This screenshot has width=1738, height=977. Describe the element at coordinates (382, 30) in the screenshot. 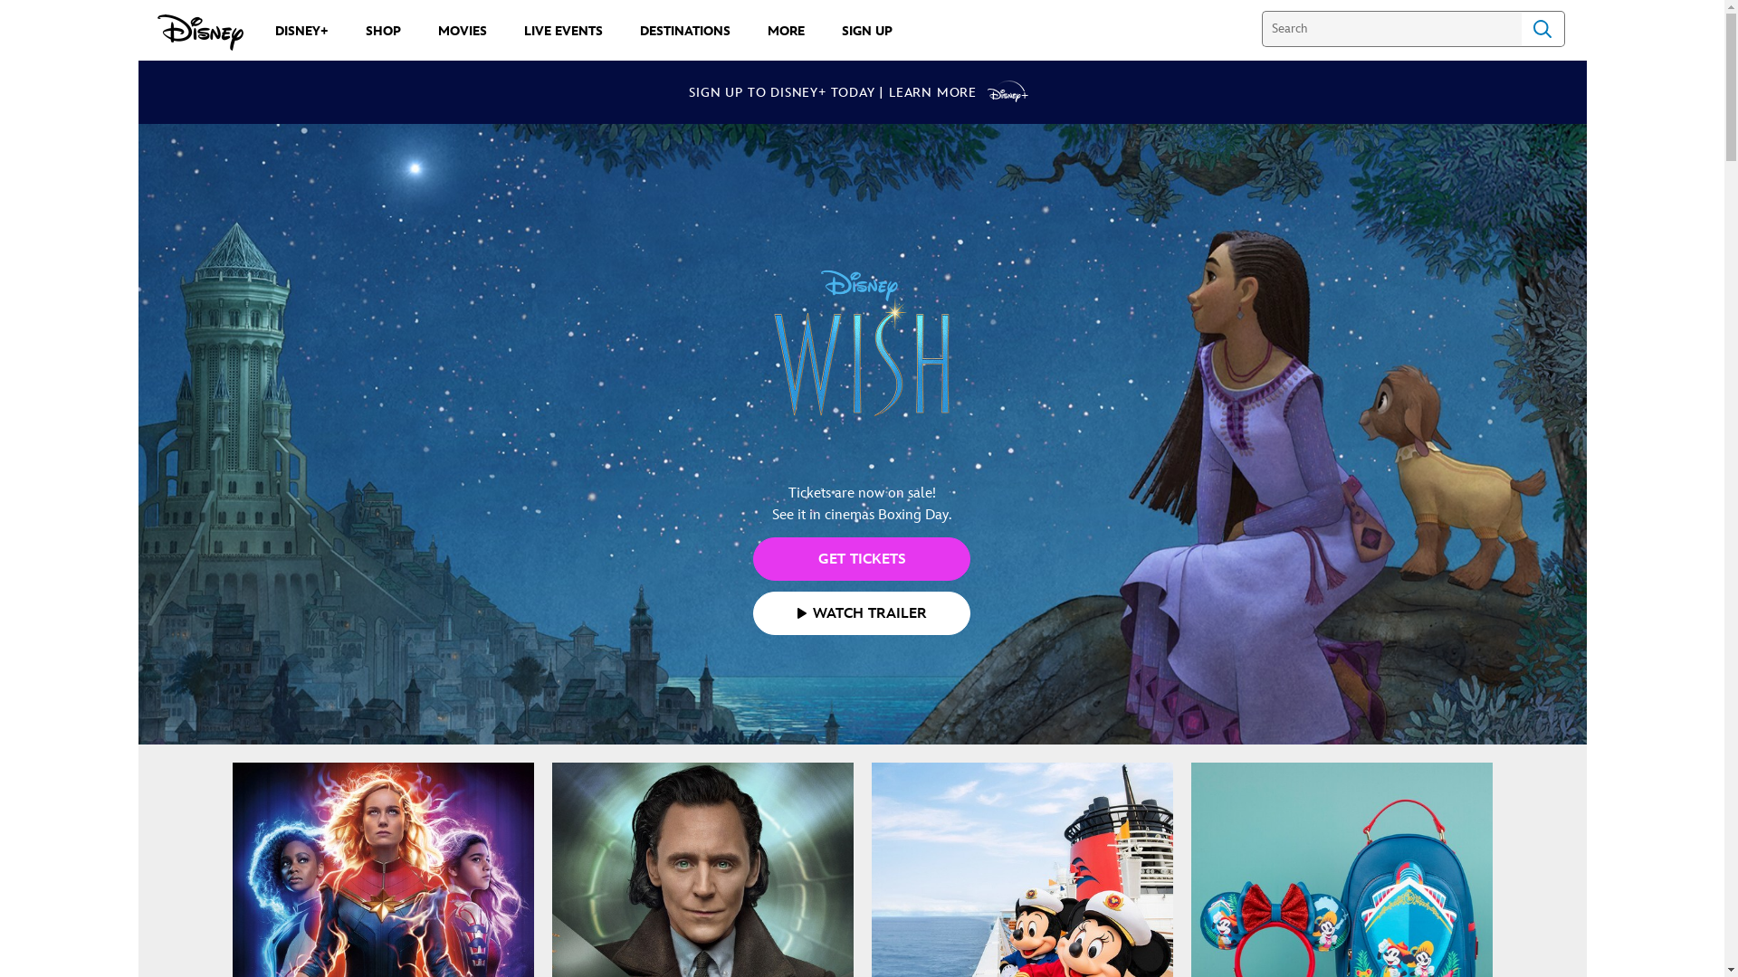

I see `'SHOP'` at that location.